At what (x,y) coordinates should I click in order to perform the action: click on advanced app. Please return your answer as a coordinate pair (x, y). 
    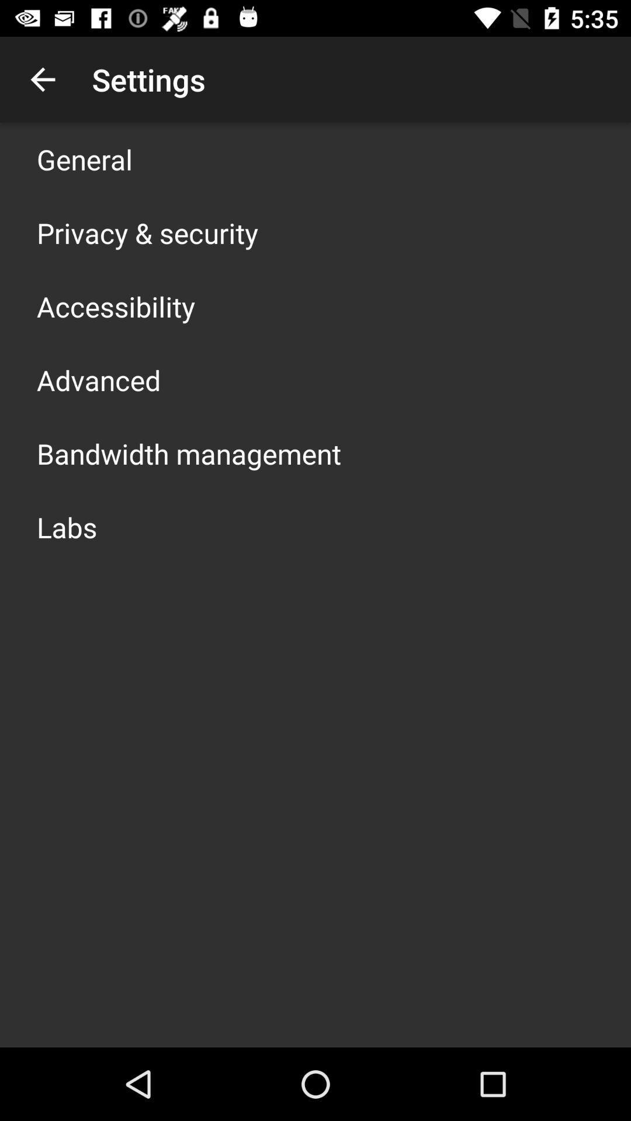
    Looking at the image, I should click on (98, 380).